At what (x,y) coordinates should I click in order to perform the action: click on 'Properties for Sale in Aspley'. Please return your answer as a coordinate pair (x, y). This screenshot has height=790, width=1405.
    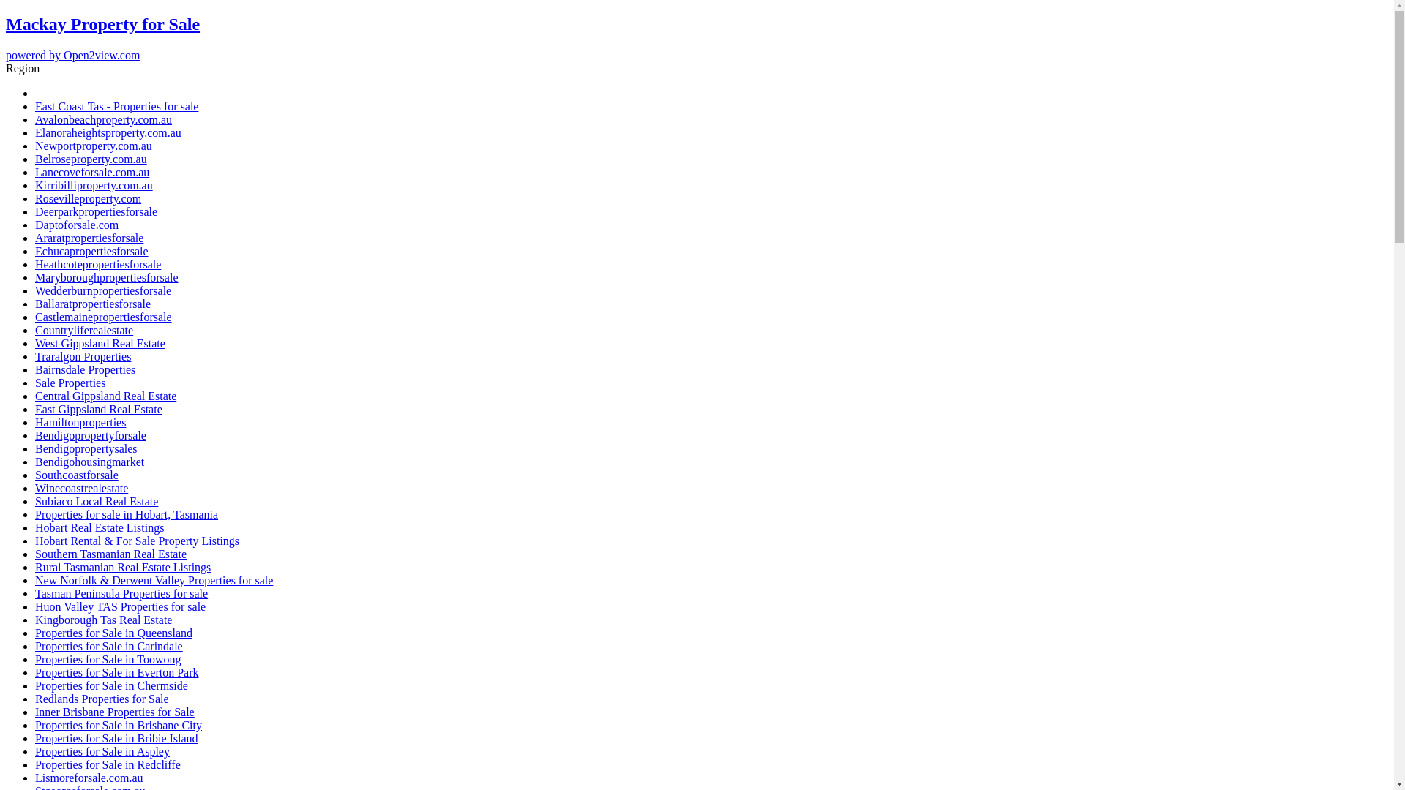
    Looking at the image, I should click on (101, 751).